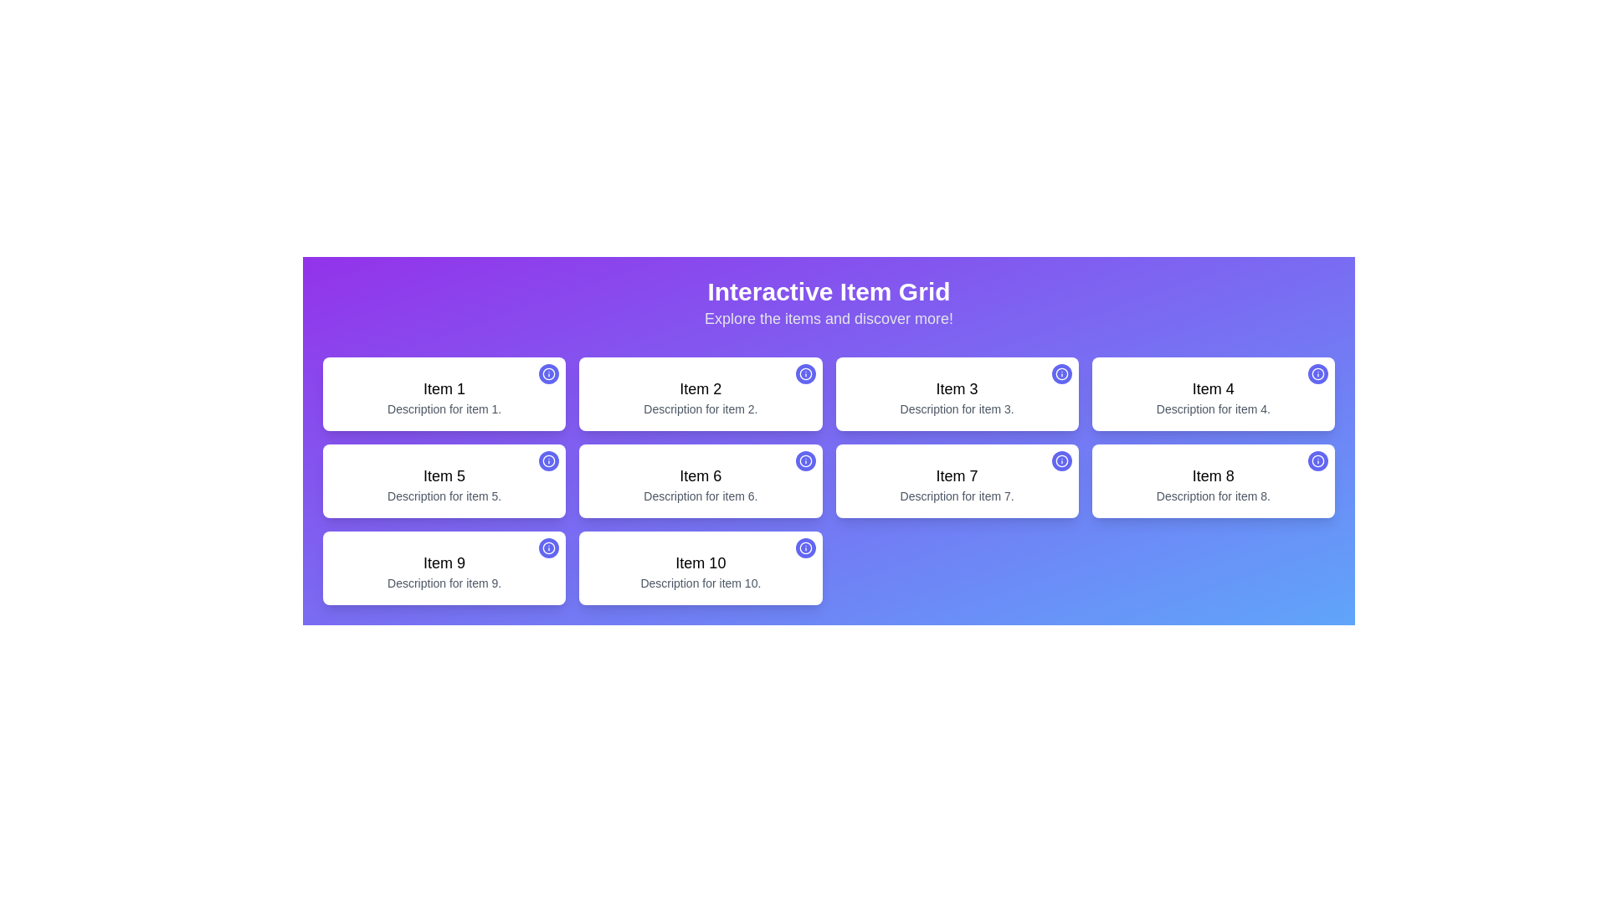 The width and height of the screenshot is (1607, 904). I want to click on the button located in the top-right corner of the card labeled 'Item 9', so click(549, 548).